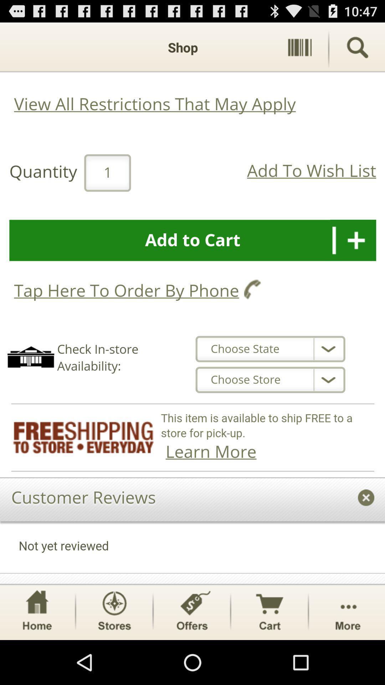 Image resolution: width=385 pixels, height=685 pixels. Describe the element at coordinates (191, 655) in the screenshot. I see `the label icon` at that location.